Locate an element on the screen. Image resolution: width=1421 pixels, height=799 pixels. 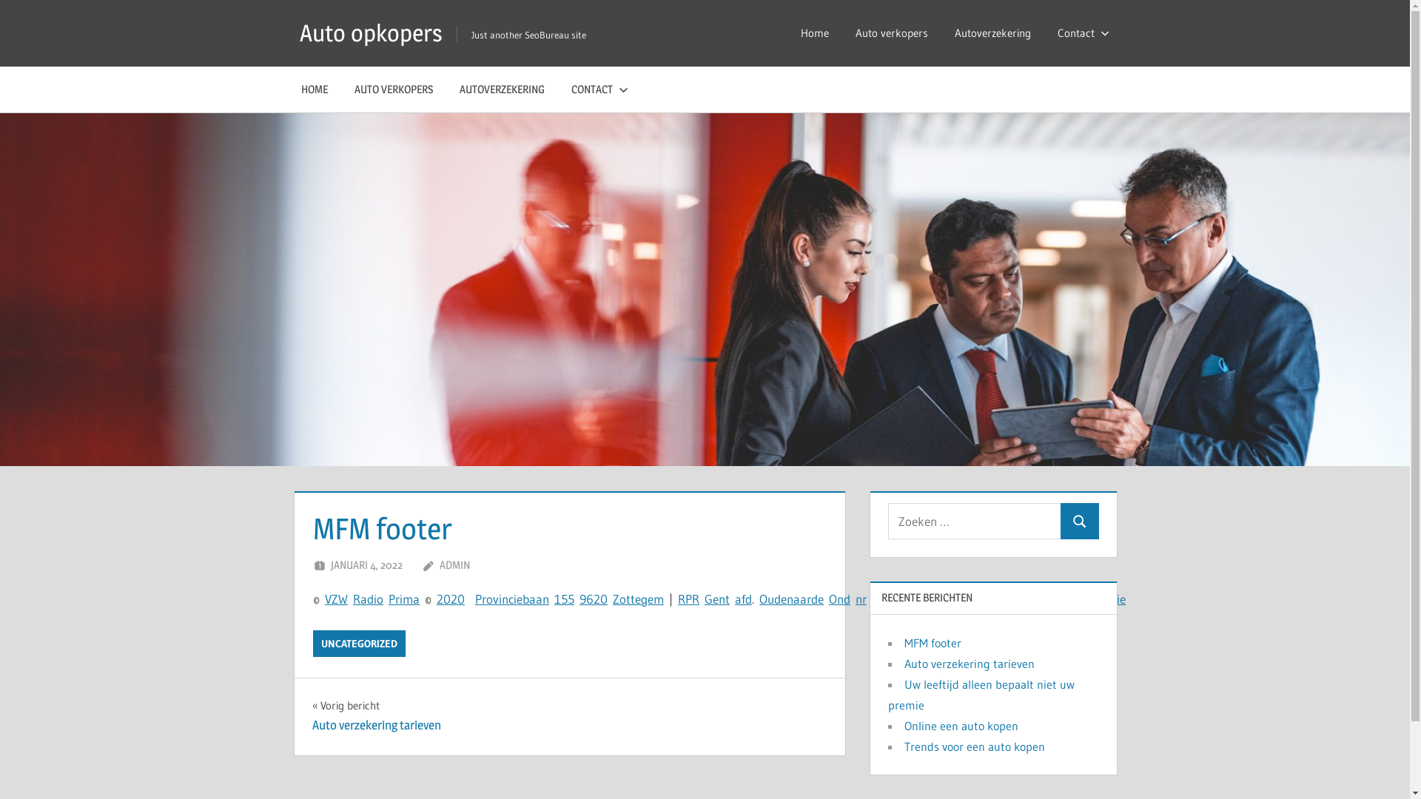
'AUTO VERKOPERS' is located at coordinates (394, 89).